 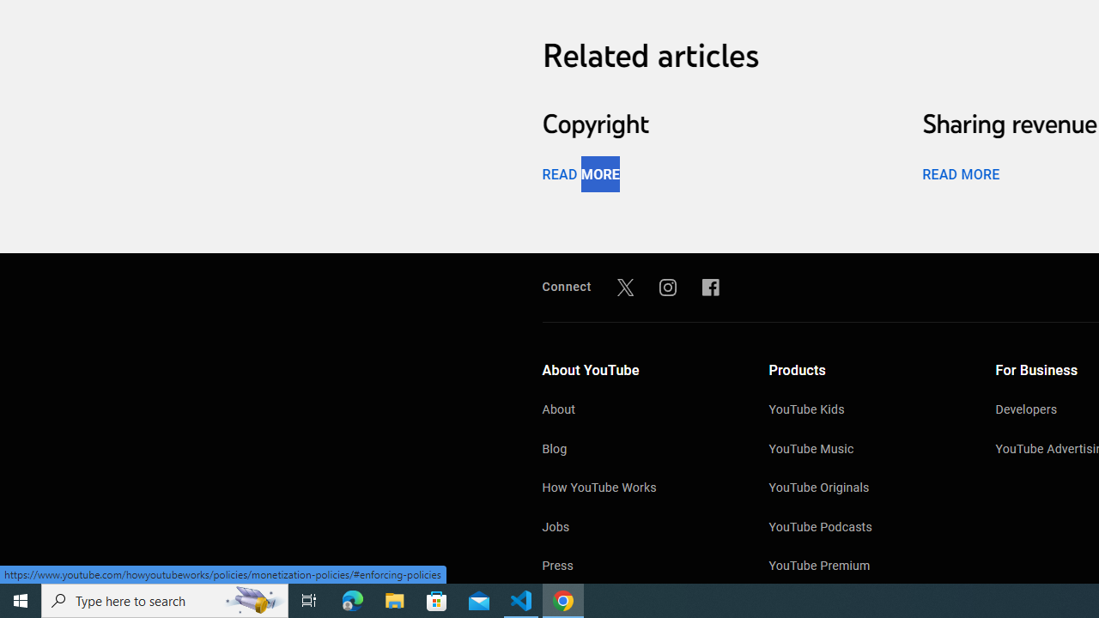 I want to click on 'YouTube Originals', so click(x=865, y=489).